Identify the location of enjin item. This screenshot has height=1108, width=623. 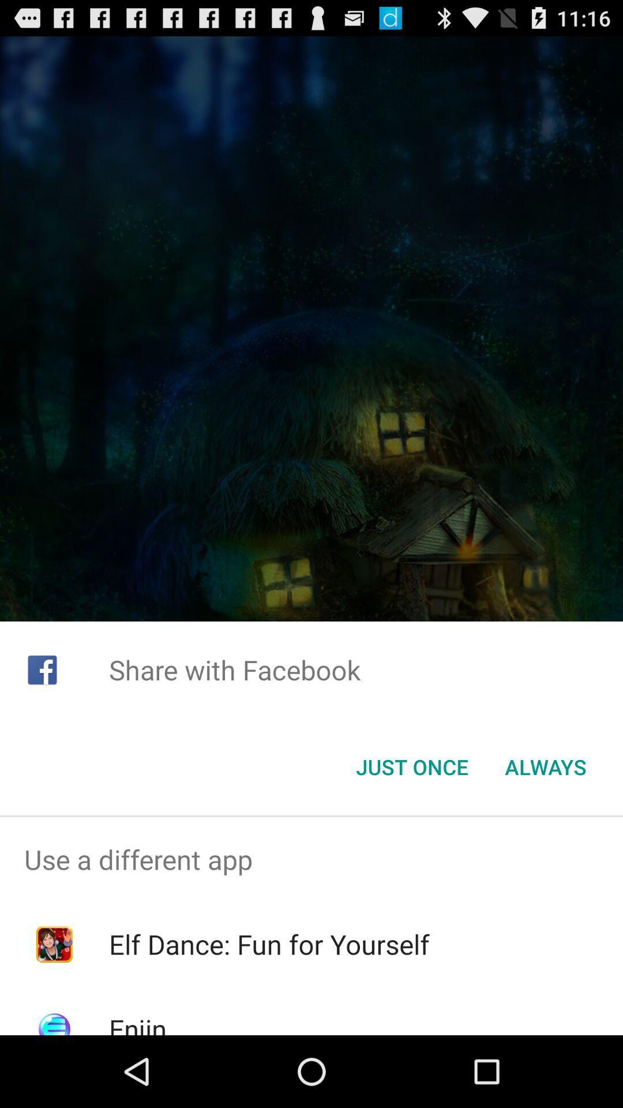
(137, 1023).